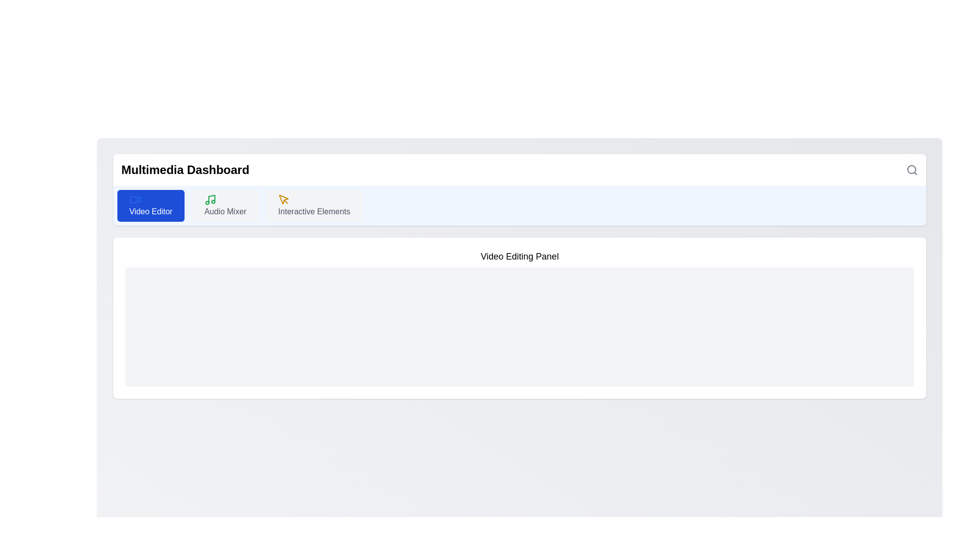  I want to click on information about the 'Audio Mixer' icon located in the navigation bar, which serves as a visual cue for audio management, so click(209, 199).